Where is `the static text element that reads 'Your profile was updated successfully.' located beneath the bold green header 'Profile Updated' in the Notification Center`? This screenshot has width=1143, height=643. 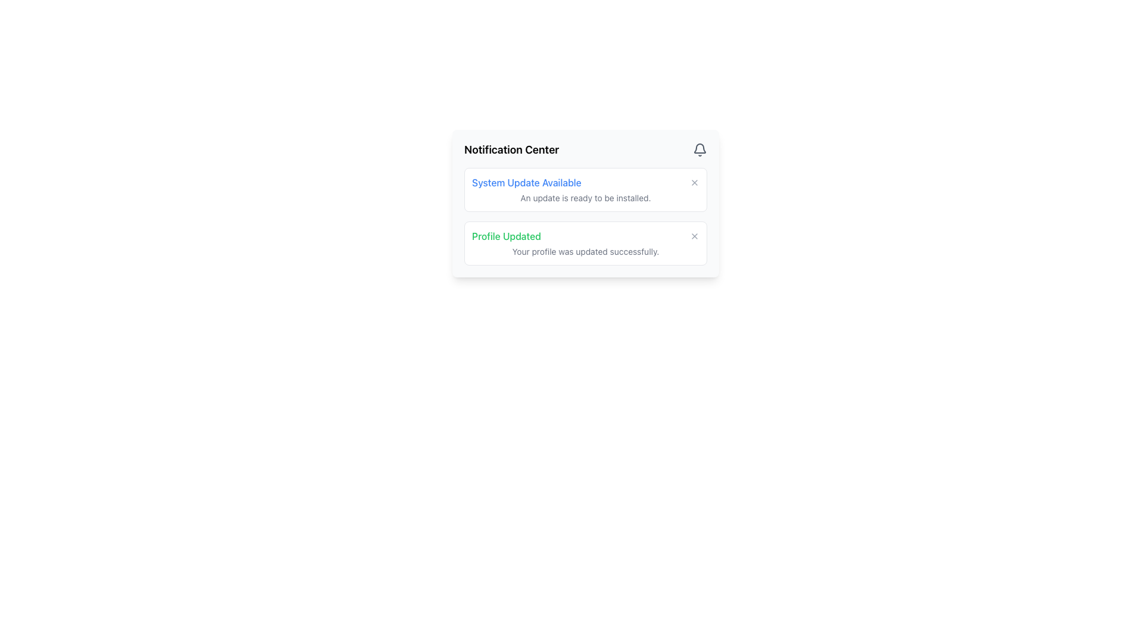
the static text element that reads 'Your profile was updated successfully.' located beneath the bold green header 'Profile Updated' in the Notification Center is located at coordinates (585, 251).